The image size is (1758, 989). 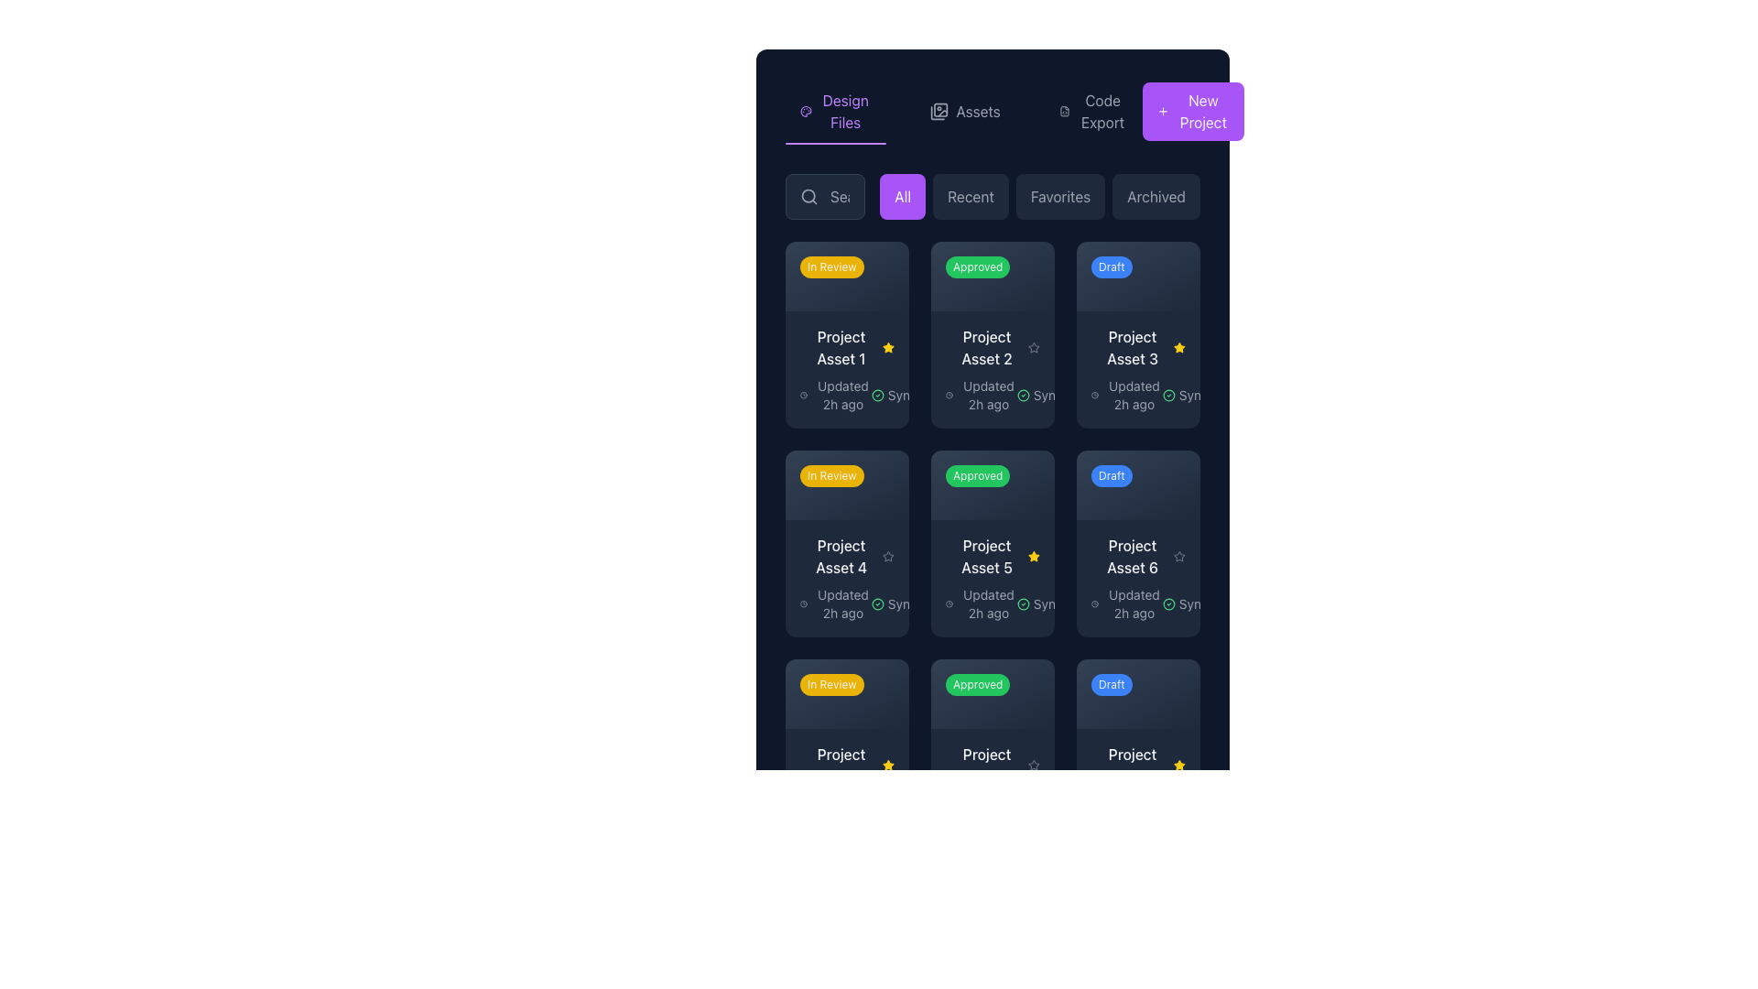 What do you see at coordinates (1137, 394) in the screenshot?
I see `the timestamp indicating 'Updated 2h ago' within the card labeled 'Project Asset 3'` at bounding box center [1137, 394].